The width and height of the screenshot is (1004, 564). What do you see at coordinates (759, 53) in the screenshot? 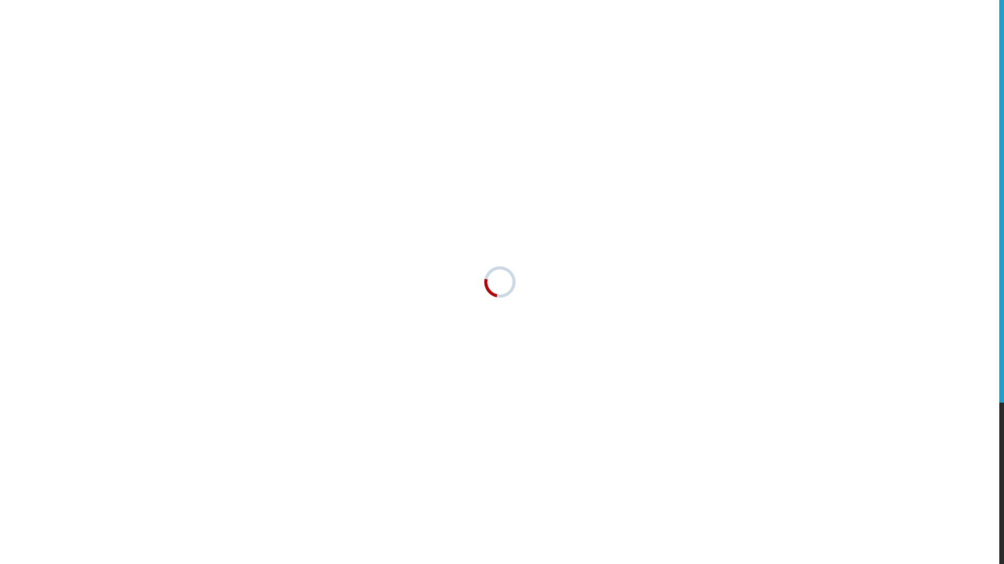
I see `'+375 17 544-10-00'` at bounding box center [759, 53].